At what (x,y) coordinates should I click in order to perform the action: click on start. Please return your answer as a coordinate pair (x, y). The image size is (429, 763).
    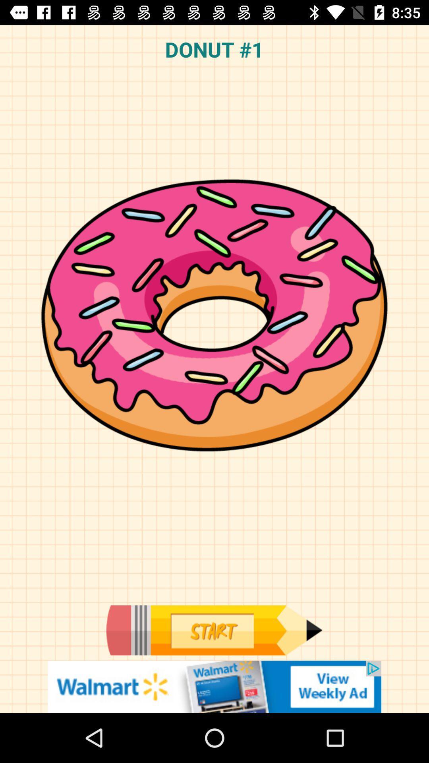
    Looking at the image, I should click on (214, 630).